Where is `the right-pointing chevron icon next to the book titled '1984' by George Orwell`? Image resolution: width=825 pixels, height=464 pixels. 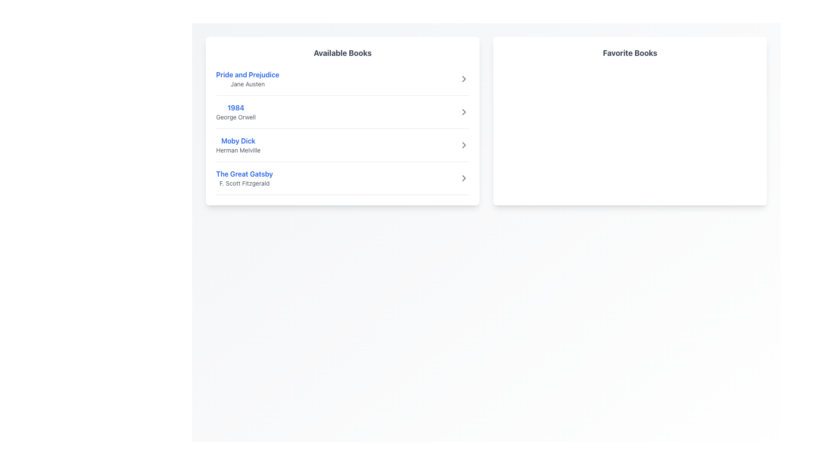 the right-pointing chevron icon next to the book titled '1984' by George Orwell is located at coordinates (464, 112).